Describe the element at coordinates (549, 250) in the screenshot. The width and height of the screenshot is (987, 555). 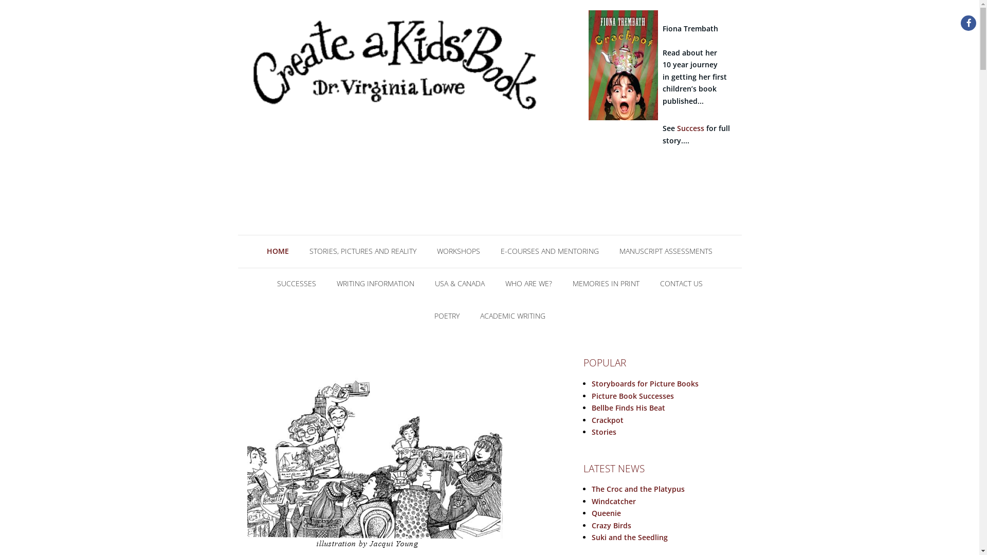
I see `'E-COURSES AND MENTORING'` at that location.